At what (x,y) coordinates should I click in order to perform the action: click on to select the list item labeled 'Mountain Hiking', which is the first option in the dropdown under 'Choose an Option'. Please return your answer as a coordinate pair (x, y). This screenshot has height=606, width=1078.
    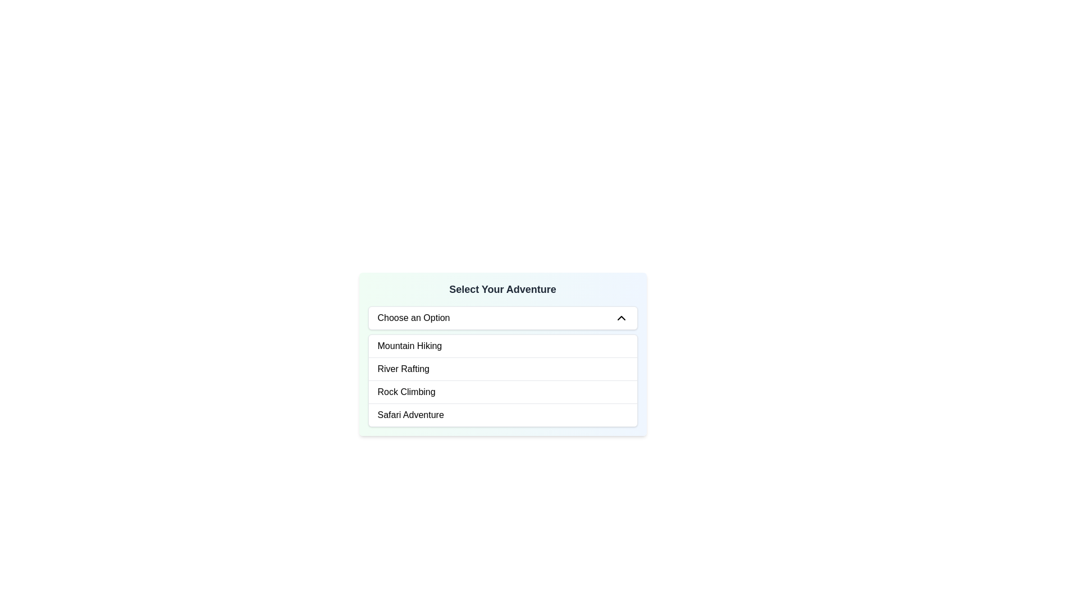
    Looking at the image, I should click on (502, 354).